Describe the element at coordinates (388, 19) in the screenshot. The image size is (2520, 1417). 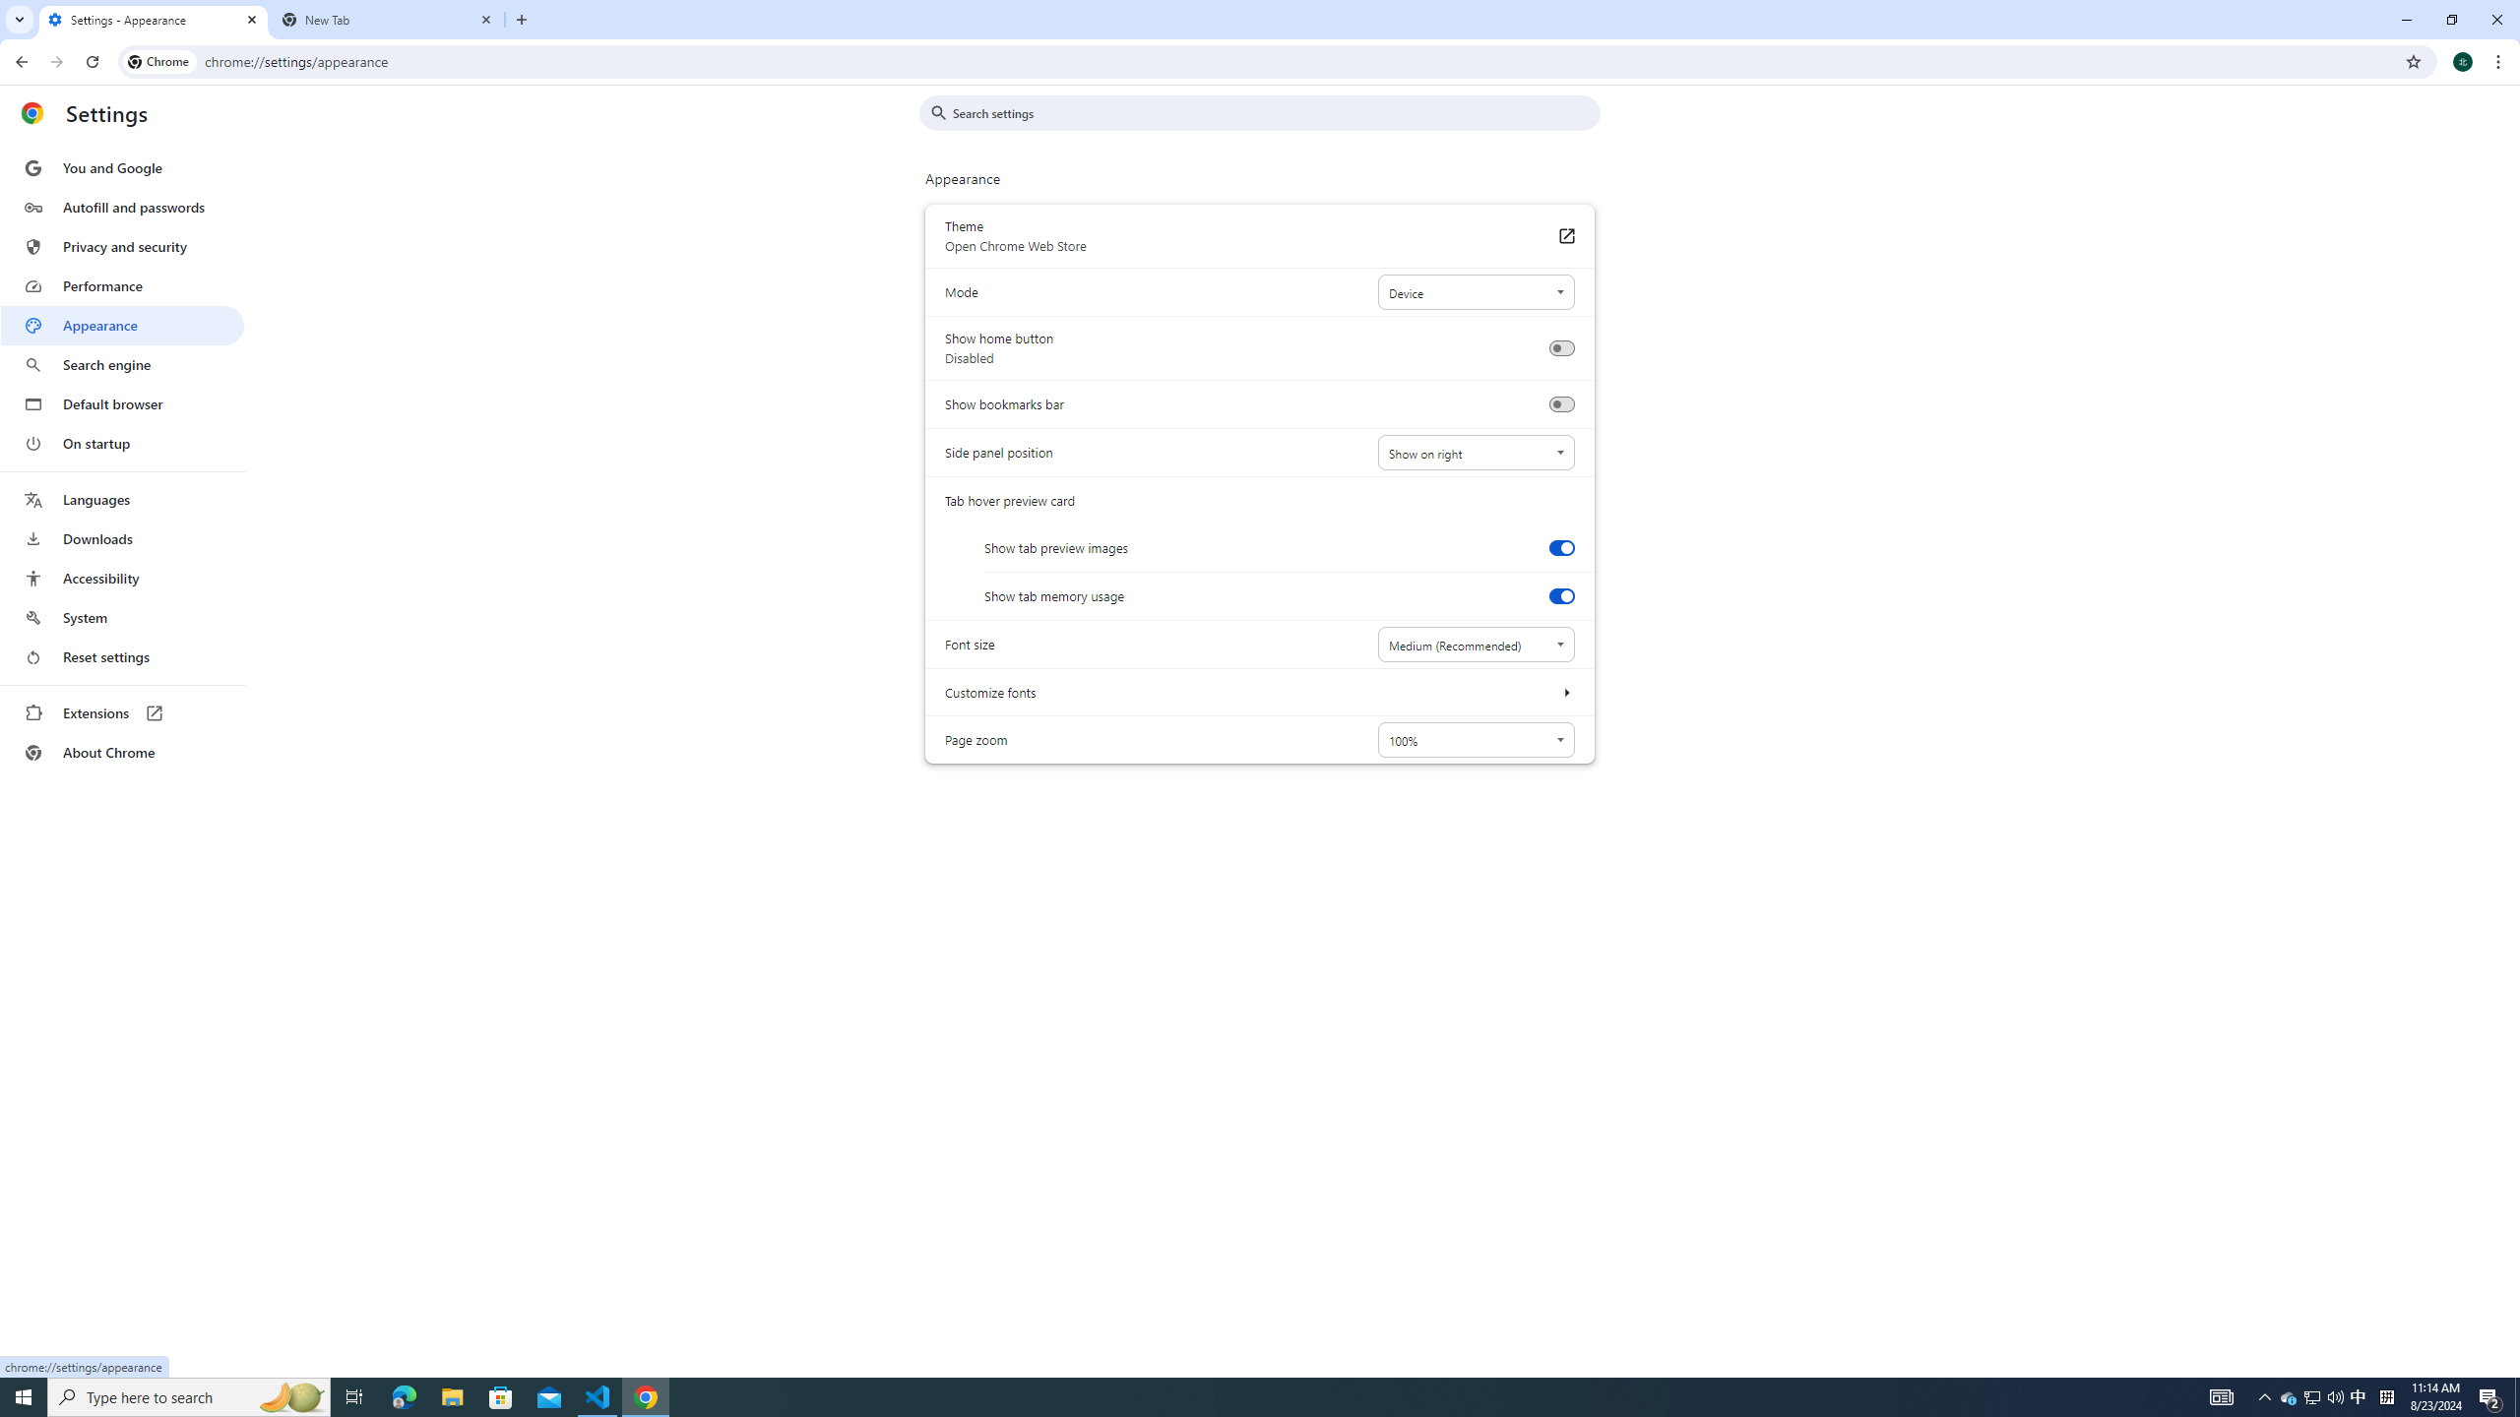
I see `'New Tab'` at that location.